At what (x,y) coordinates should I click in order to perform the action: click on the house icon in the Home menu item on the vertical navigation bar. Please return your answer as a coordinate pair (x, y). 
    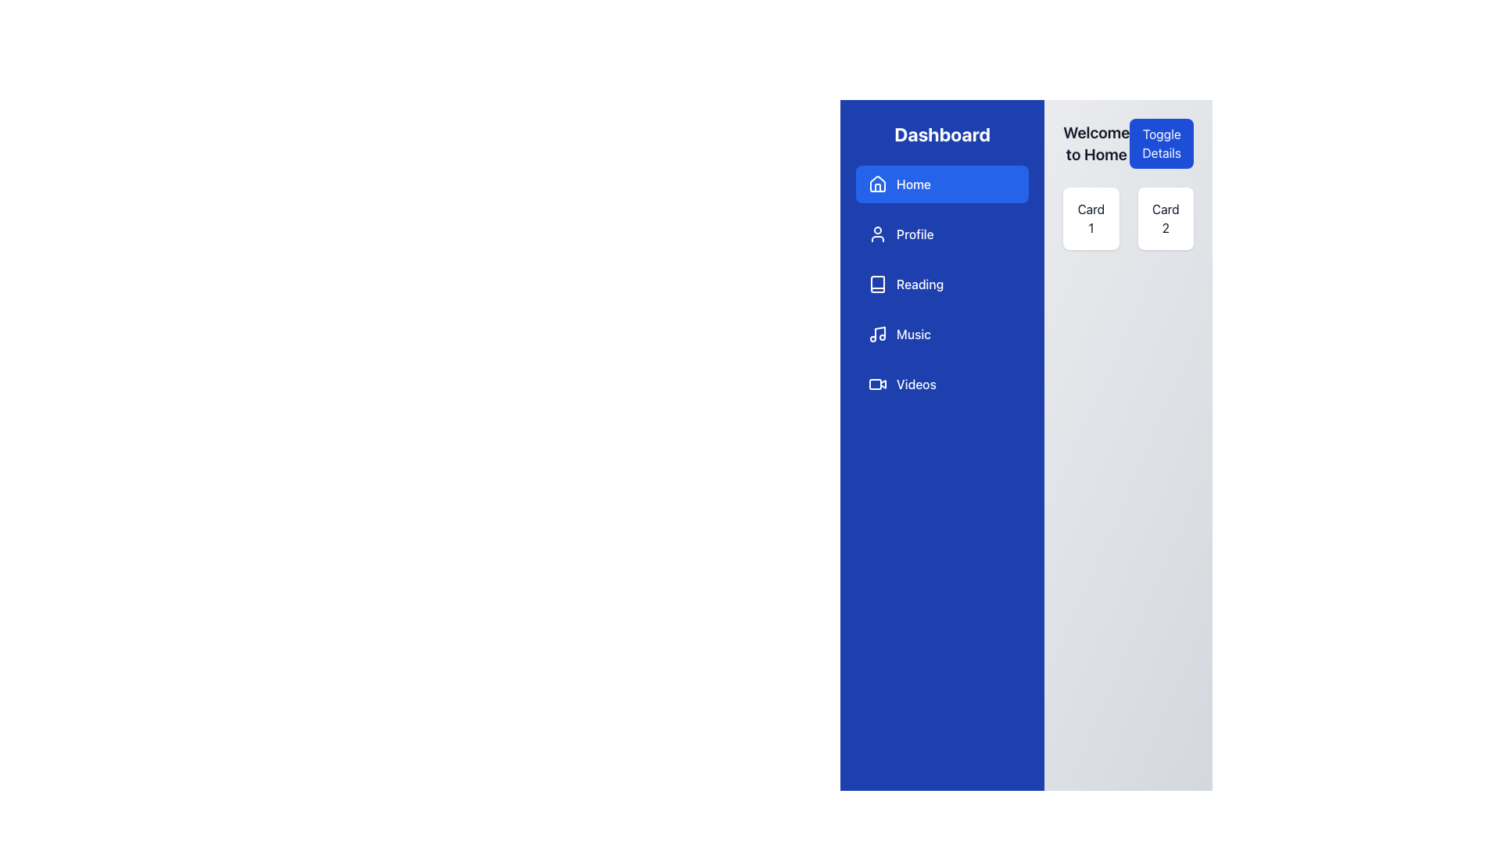
    Looking at the image, I should click on (878, 183).